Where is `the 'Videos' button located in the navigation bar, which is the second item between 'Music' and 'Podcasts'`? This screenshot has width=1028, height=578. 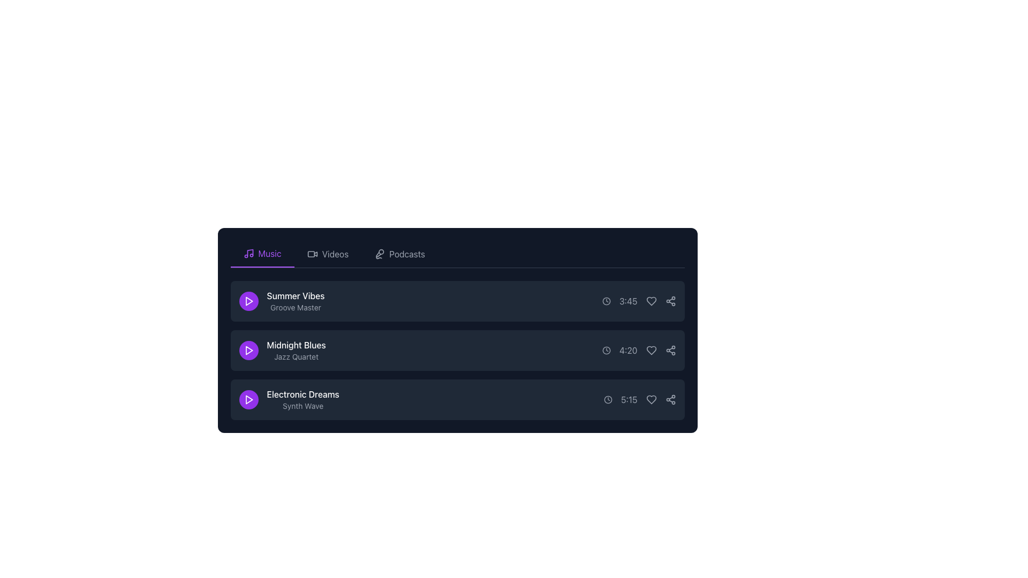
the 'Videos' button located in the navigation bar, which is the second item between 'Music' and 'Podcasts' is located at coordinates (327, 254).